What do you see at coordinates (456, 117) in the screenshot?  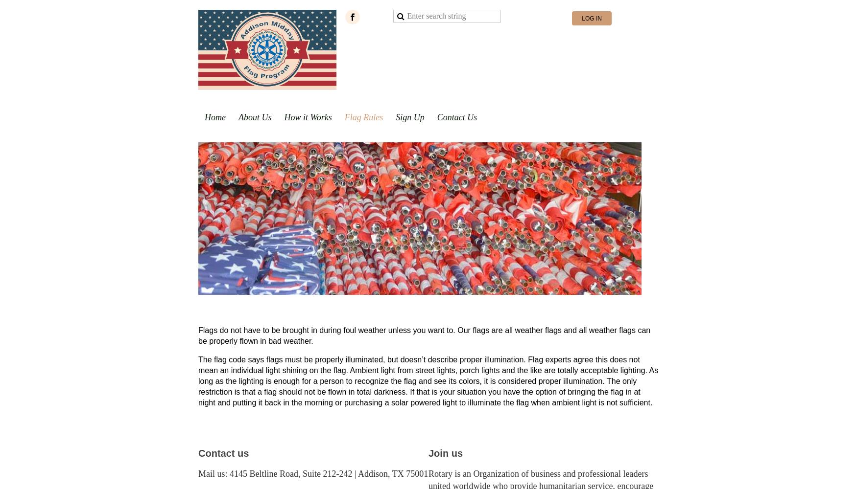 I see `'Contact Us'` at bounding box center [456, 117].